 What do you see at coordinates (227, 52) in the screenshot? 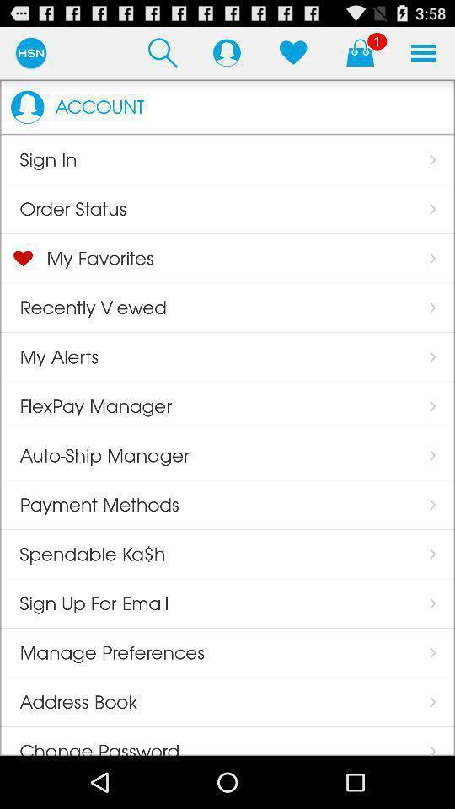
I see `account information` at bounding box center [227, 52].